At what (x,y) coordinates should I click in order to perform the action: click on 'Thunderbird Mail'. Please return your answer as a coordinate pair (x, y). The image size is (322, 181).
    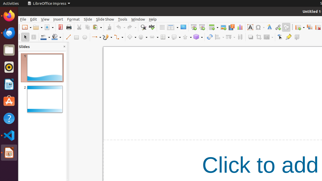
    Looking at the image, I should click on (9, 33).